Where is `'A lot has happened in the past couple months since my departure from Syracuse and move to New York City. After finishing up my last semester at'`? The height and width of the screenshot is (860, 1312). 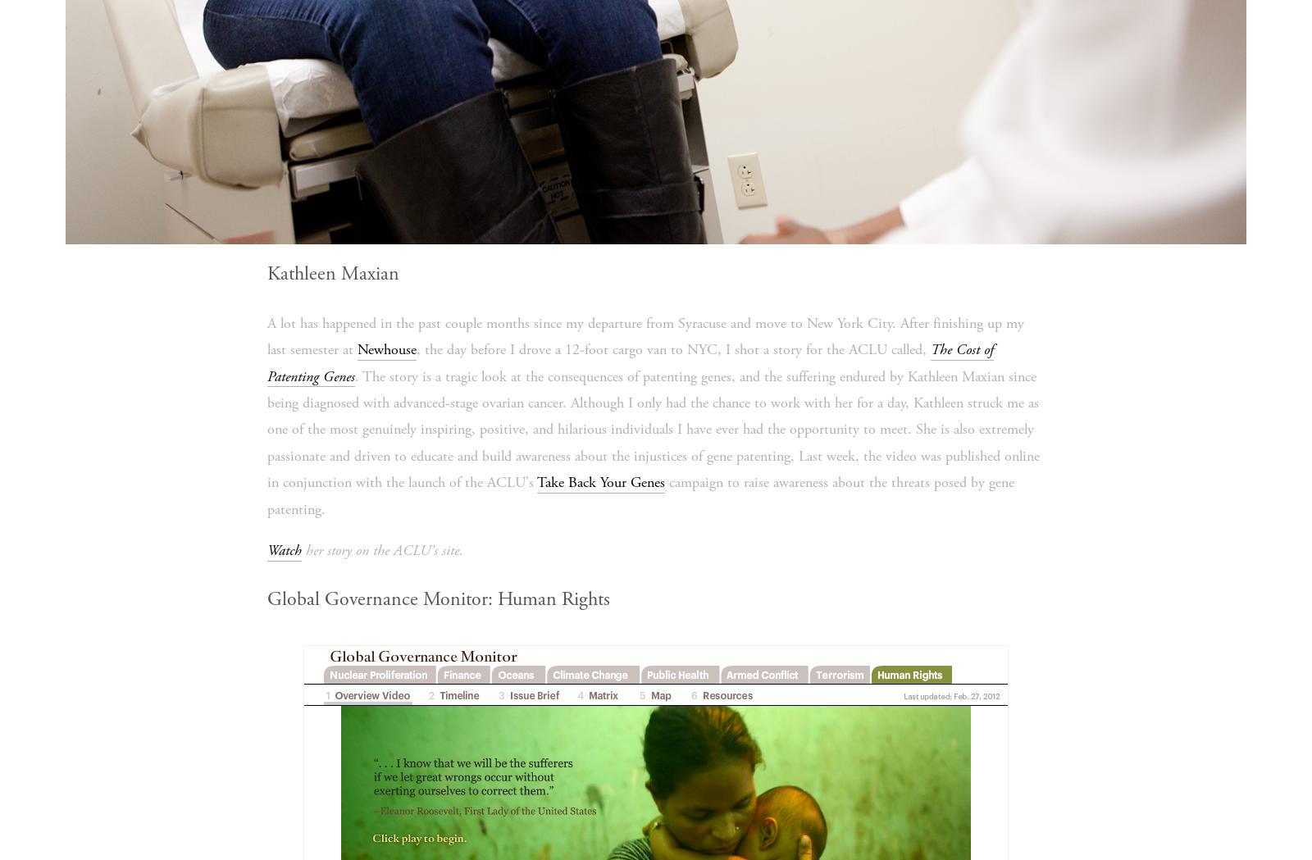 'A lot has happened in the past couple months since my departure from Syracuse and move to New York City. After finishing up my last semester at' is located at coordinates (645, 334).